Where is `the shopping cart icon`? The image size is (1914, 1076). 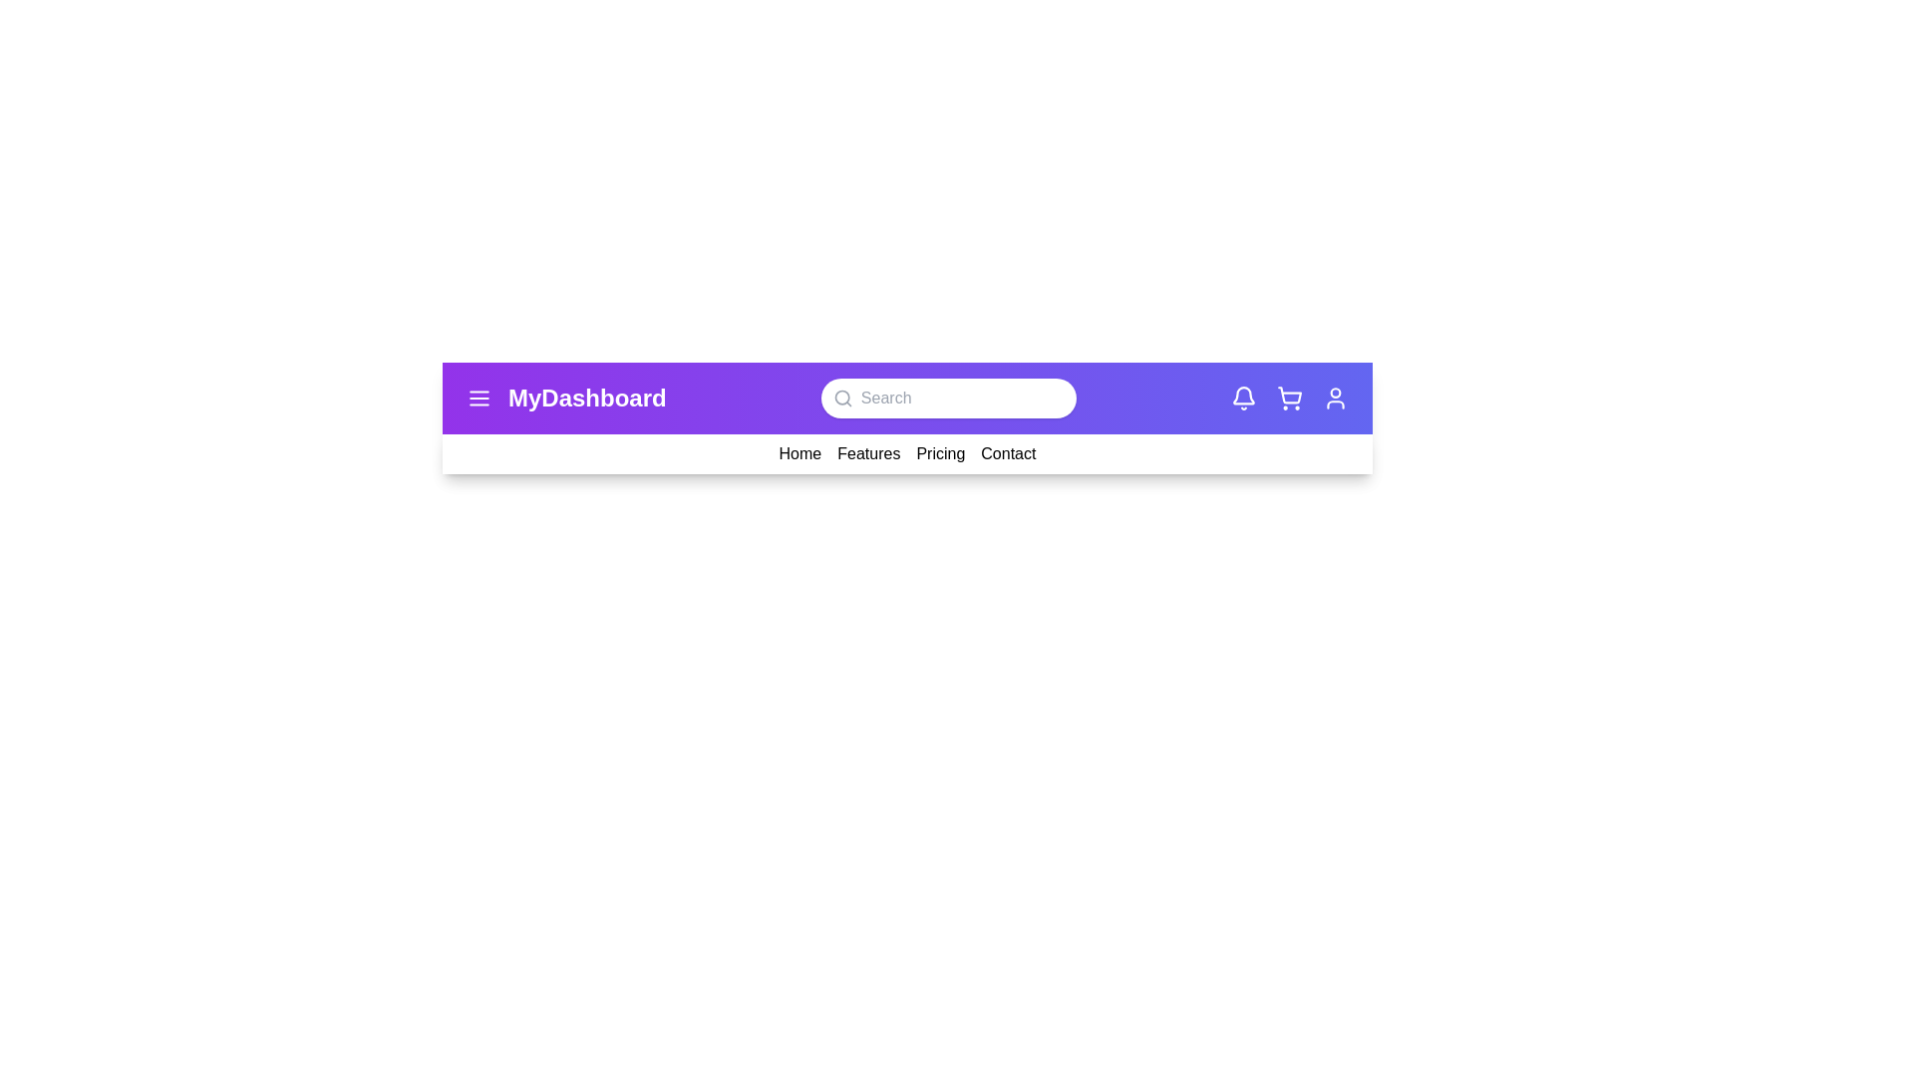
the shopping cart icon is located at coordinates (1289, 399).